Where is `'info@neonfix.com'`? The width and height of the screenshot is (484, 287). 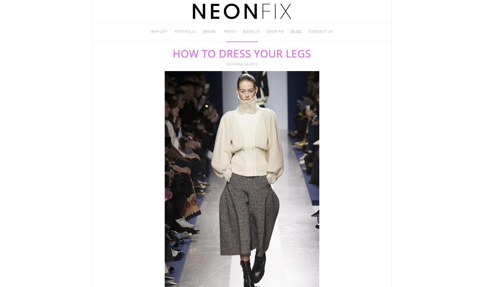 'info@neonfix.com' is located at coordinates (247, 53).